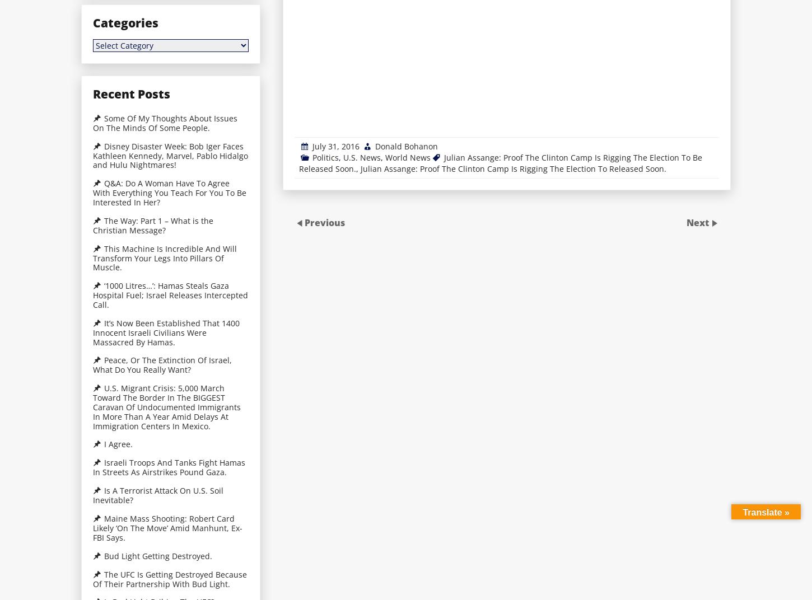 The width and height of the screenshot is (812, 600). What do you see at coordinates (165, 123) in the screenshot?
I see `'Some Of My Thoughts About Issues On The Minds Of Some People.'` at bounding box center [165, 123].